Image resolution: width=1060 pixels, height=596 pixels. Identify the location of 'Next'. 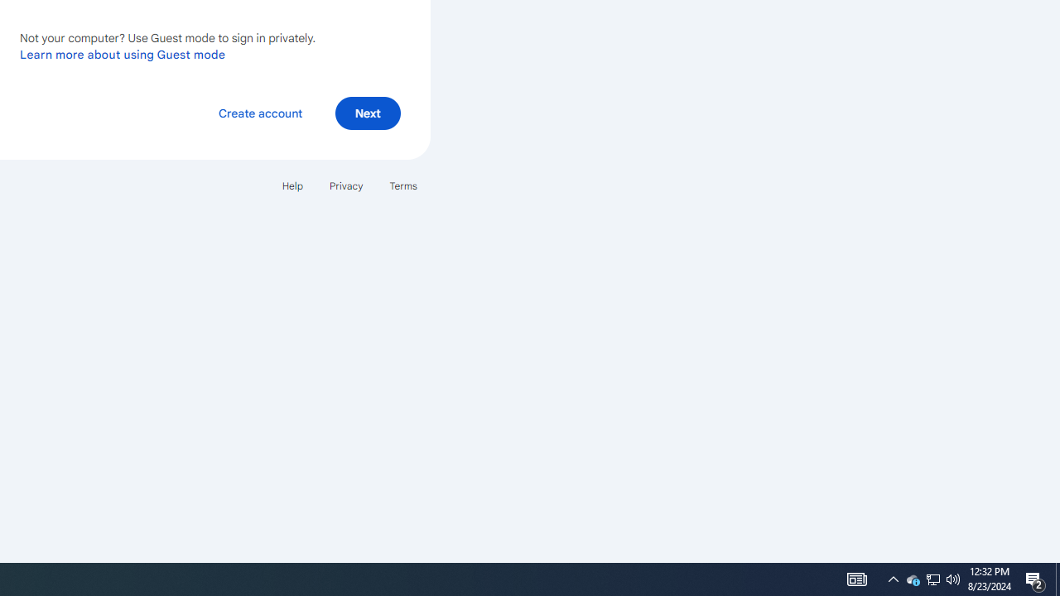
(367, 112).